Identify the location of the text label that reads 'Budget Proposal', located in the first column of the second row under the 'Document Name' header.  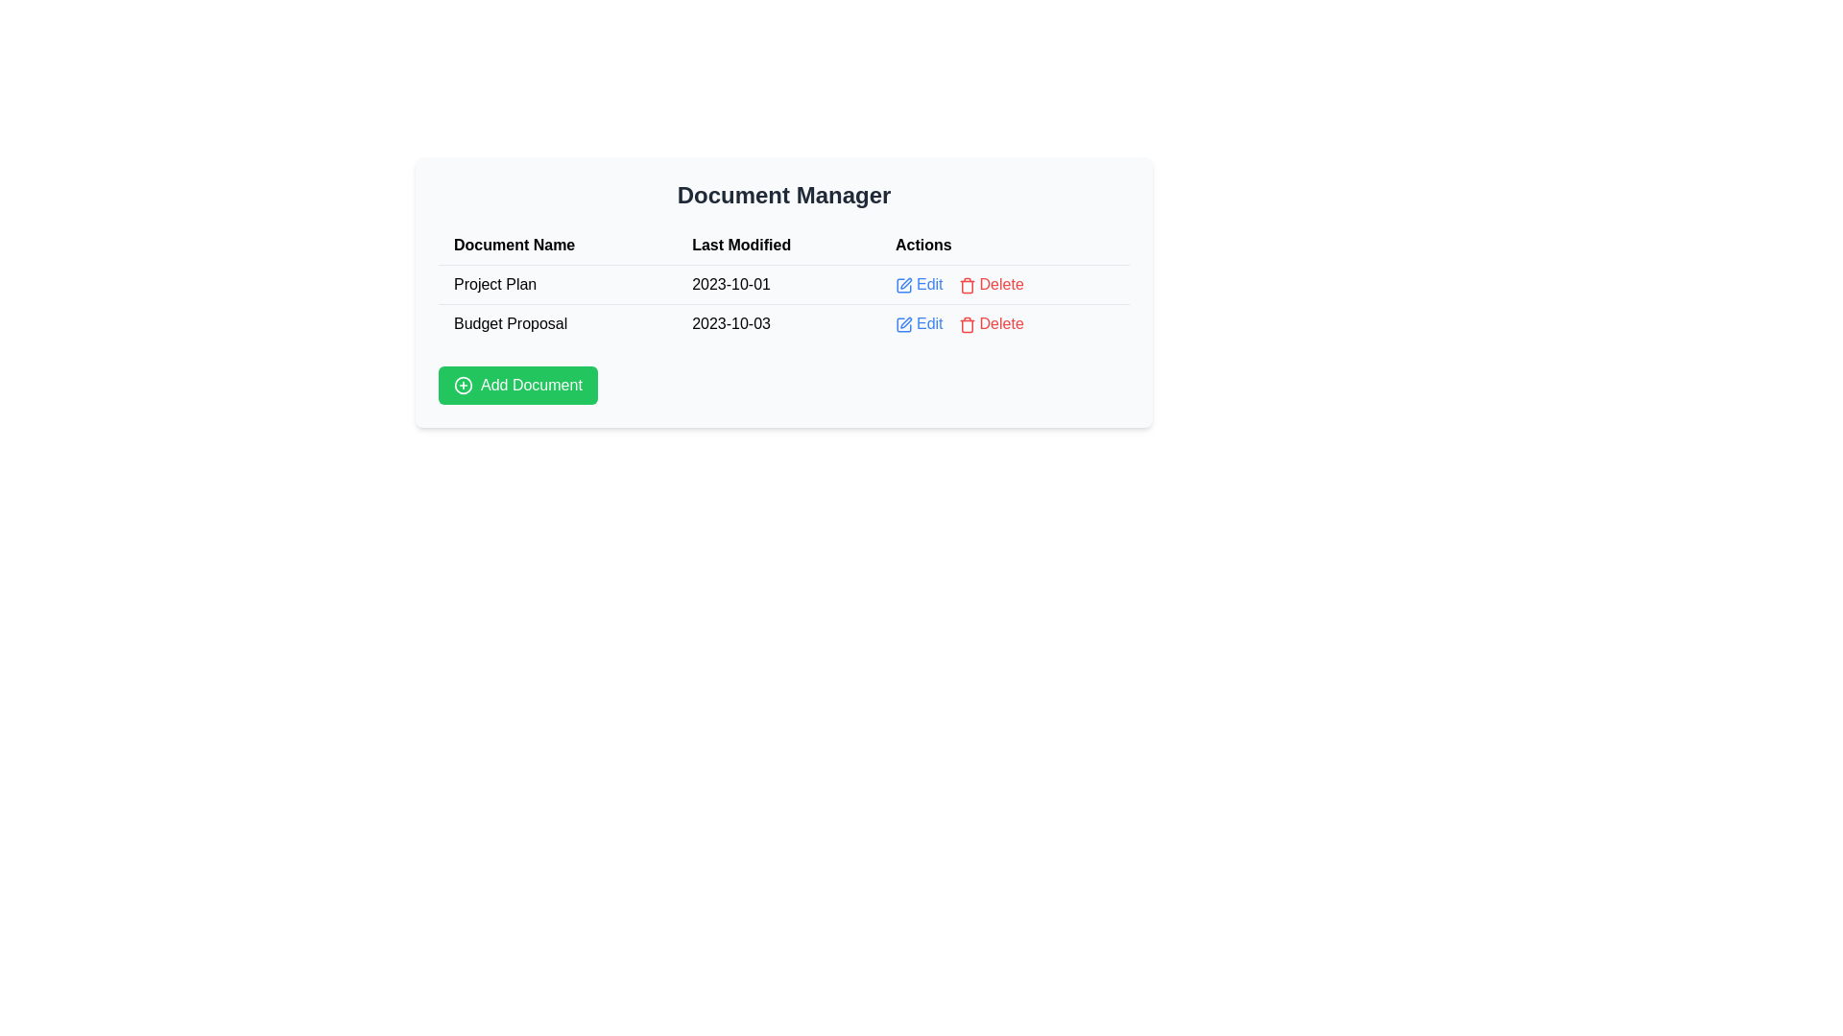
(556, 322).